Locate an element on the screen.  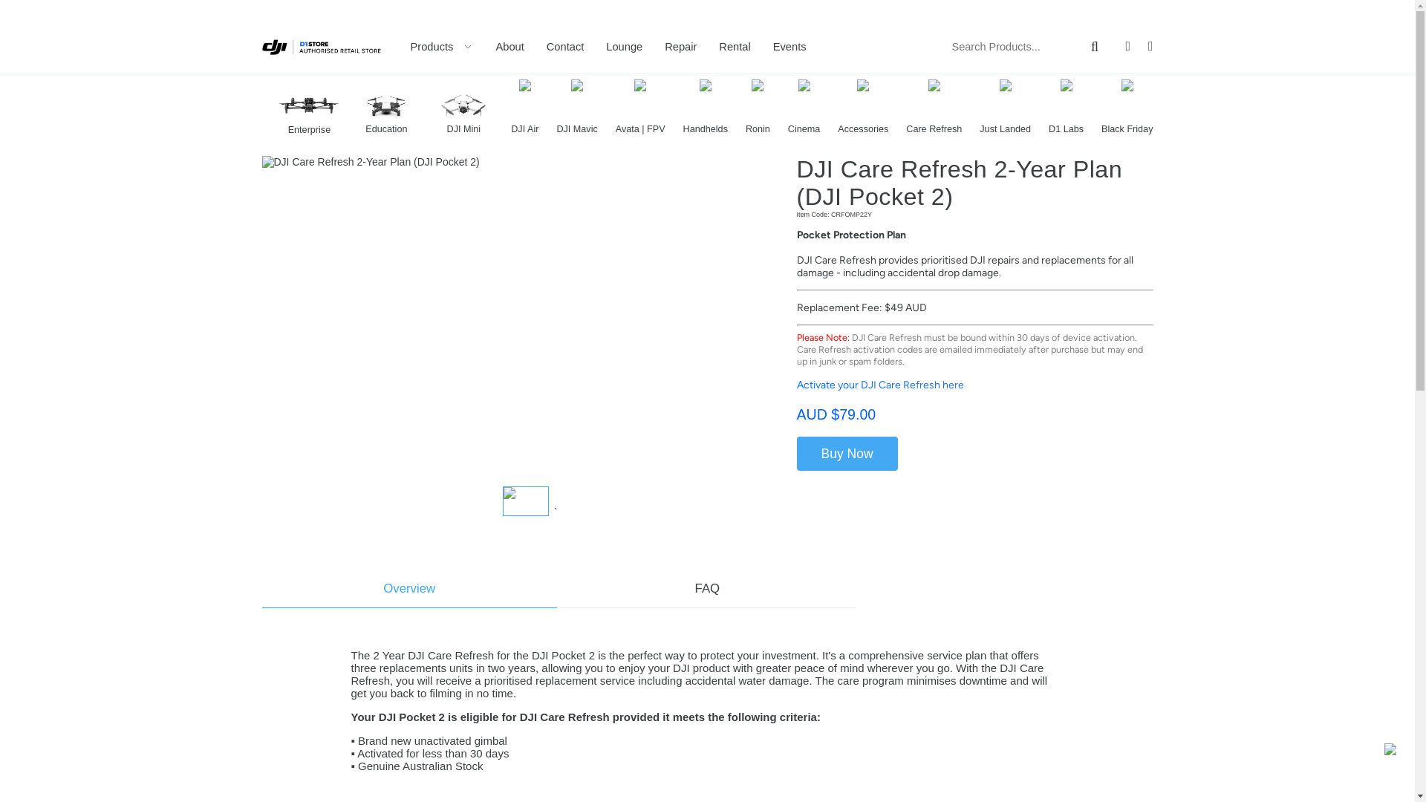
'Just Landed' is located at coordinates (1005, 106).